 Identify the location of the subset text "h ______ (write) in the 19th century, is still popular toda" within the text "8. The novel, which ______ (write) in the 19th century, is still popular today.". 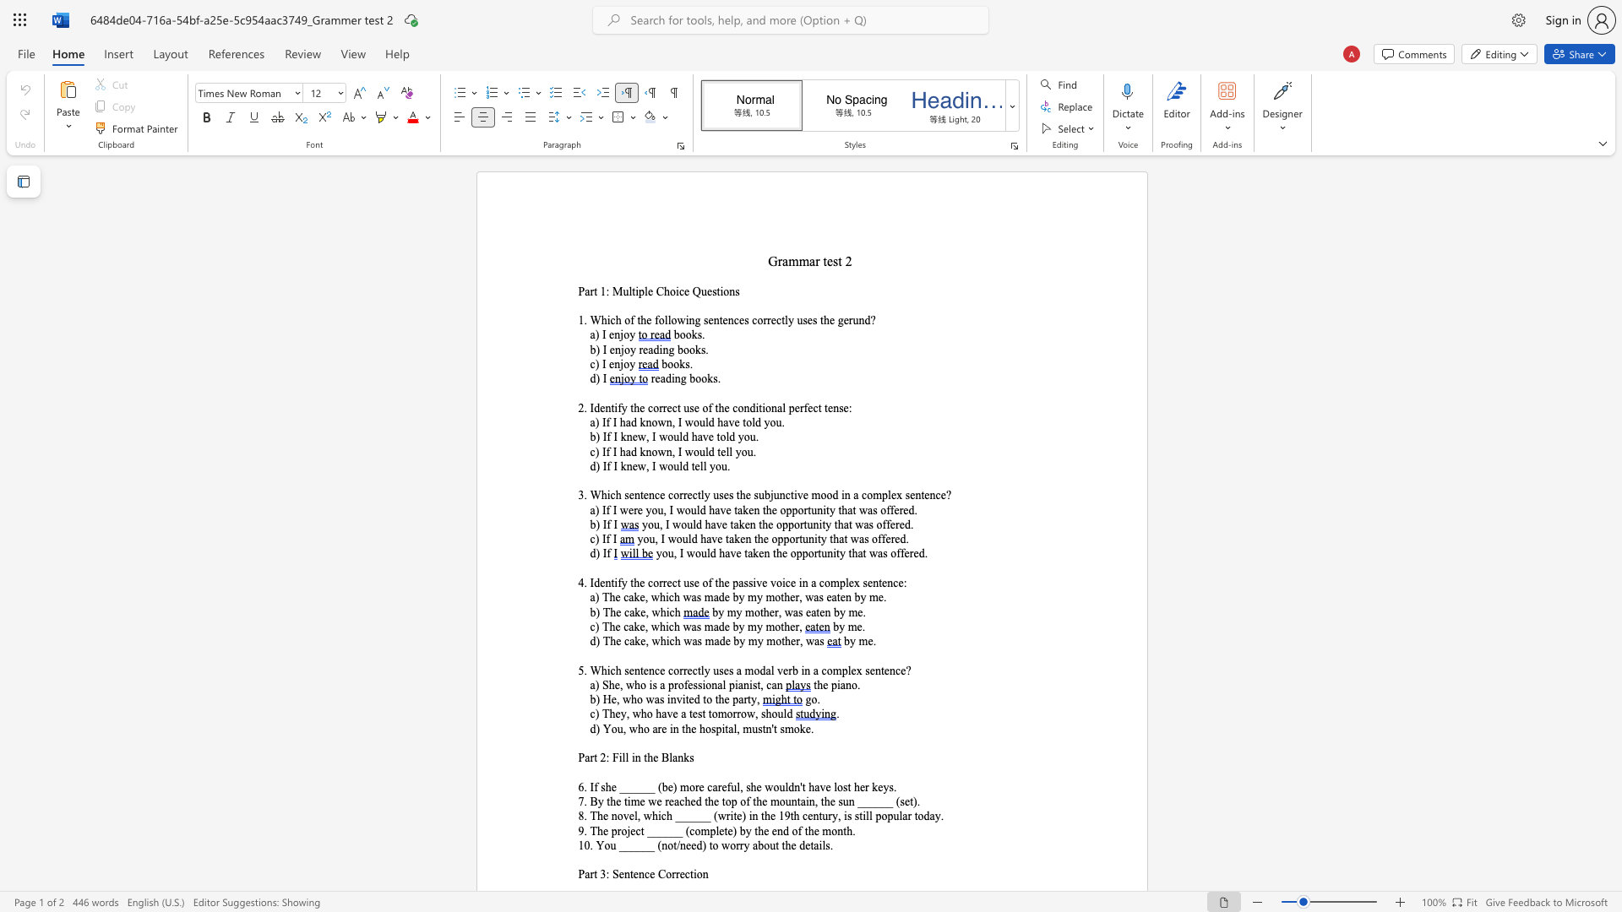
(666, 815).